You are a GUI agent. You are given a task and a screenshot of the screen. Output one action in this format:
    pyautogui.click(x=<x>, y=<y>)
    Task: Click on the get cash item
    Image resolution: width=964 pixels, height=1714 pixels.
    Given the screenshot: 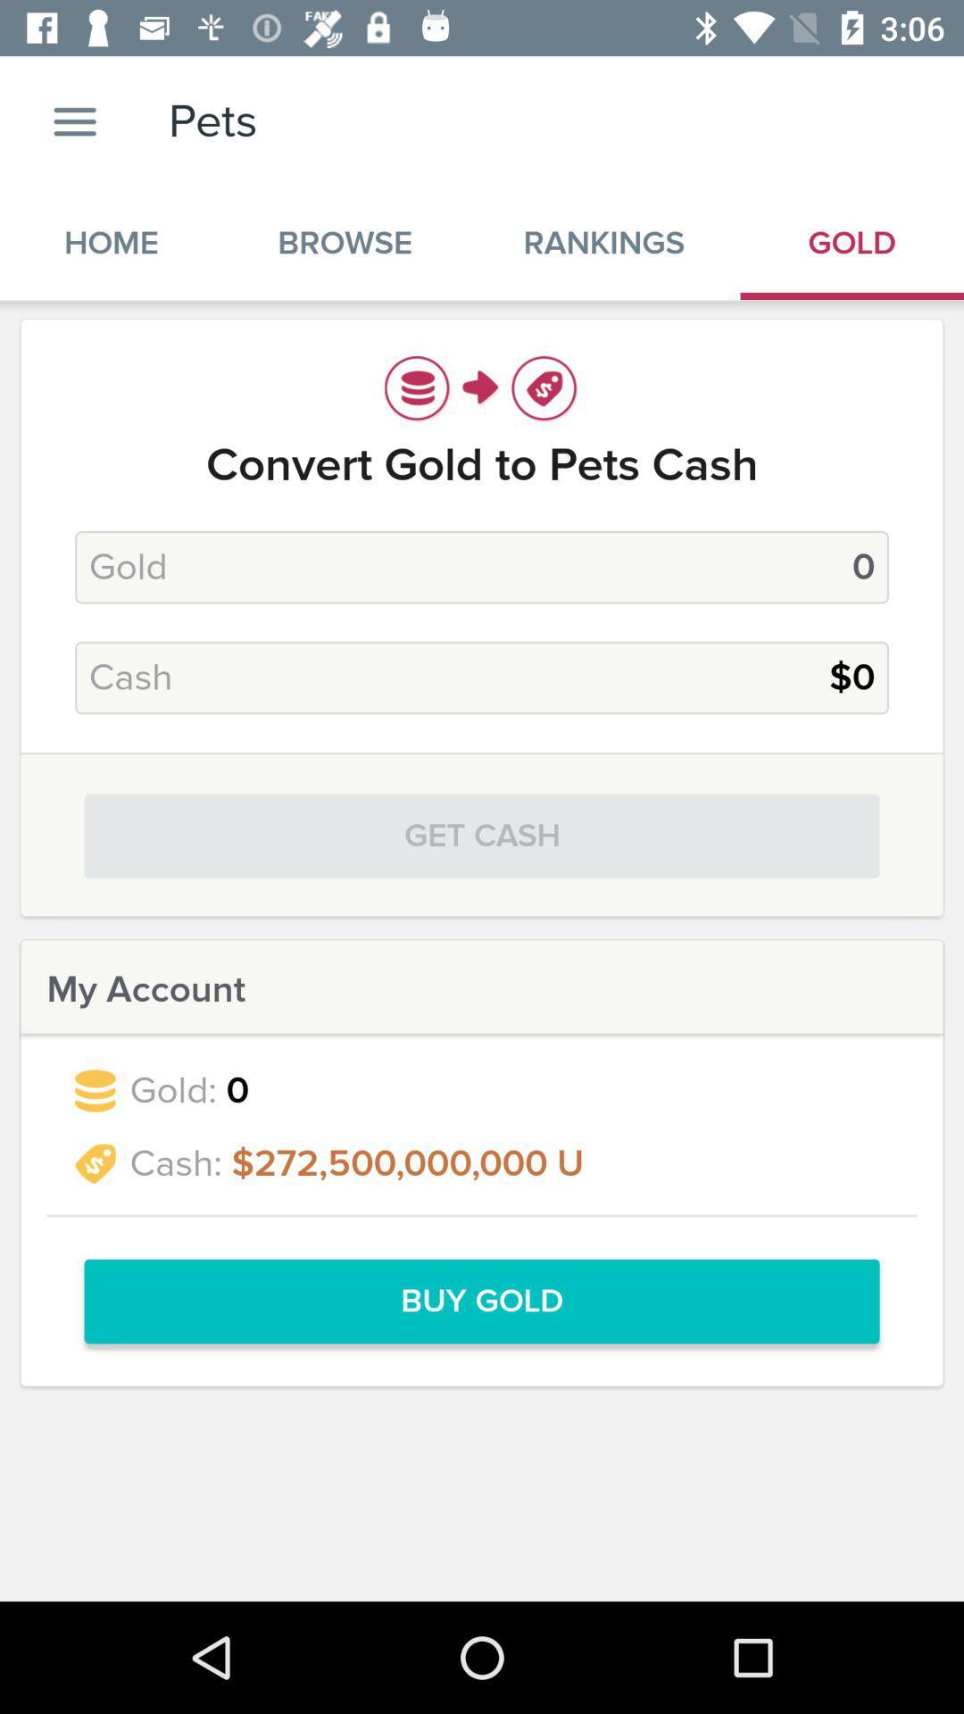 What is the action you would take?
    pyautogui.click(x=482, y=835)
    